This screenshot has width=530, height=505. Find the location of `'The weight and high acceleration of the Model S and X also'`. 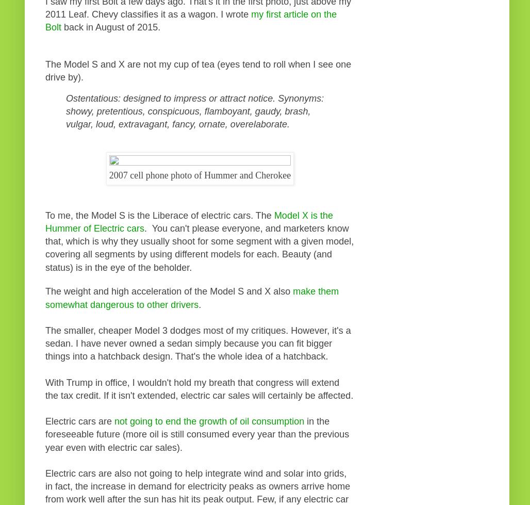

'The weight and high acceleration of the Model S and X also' is located at coordinates (169, 290).